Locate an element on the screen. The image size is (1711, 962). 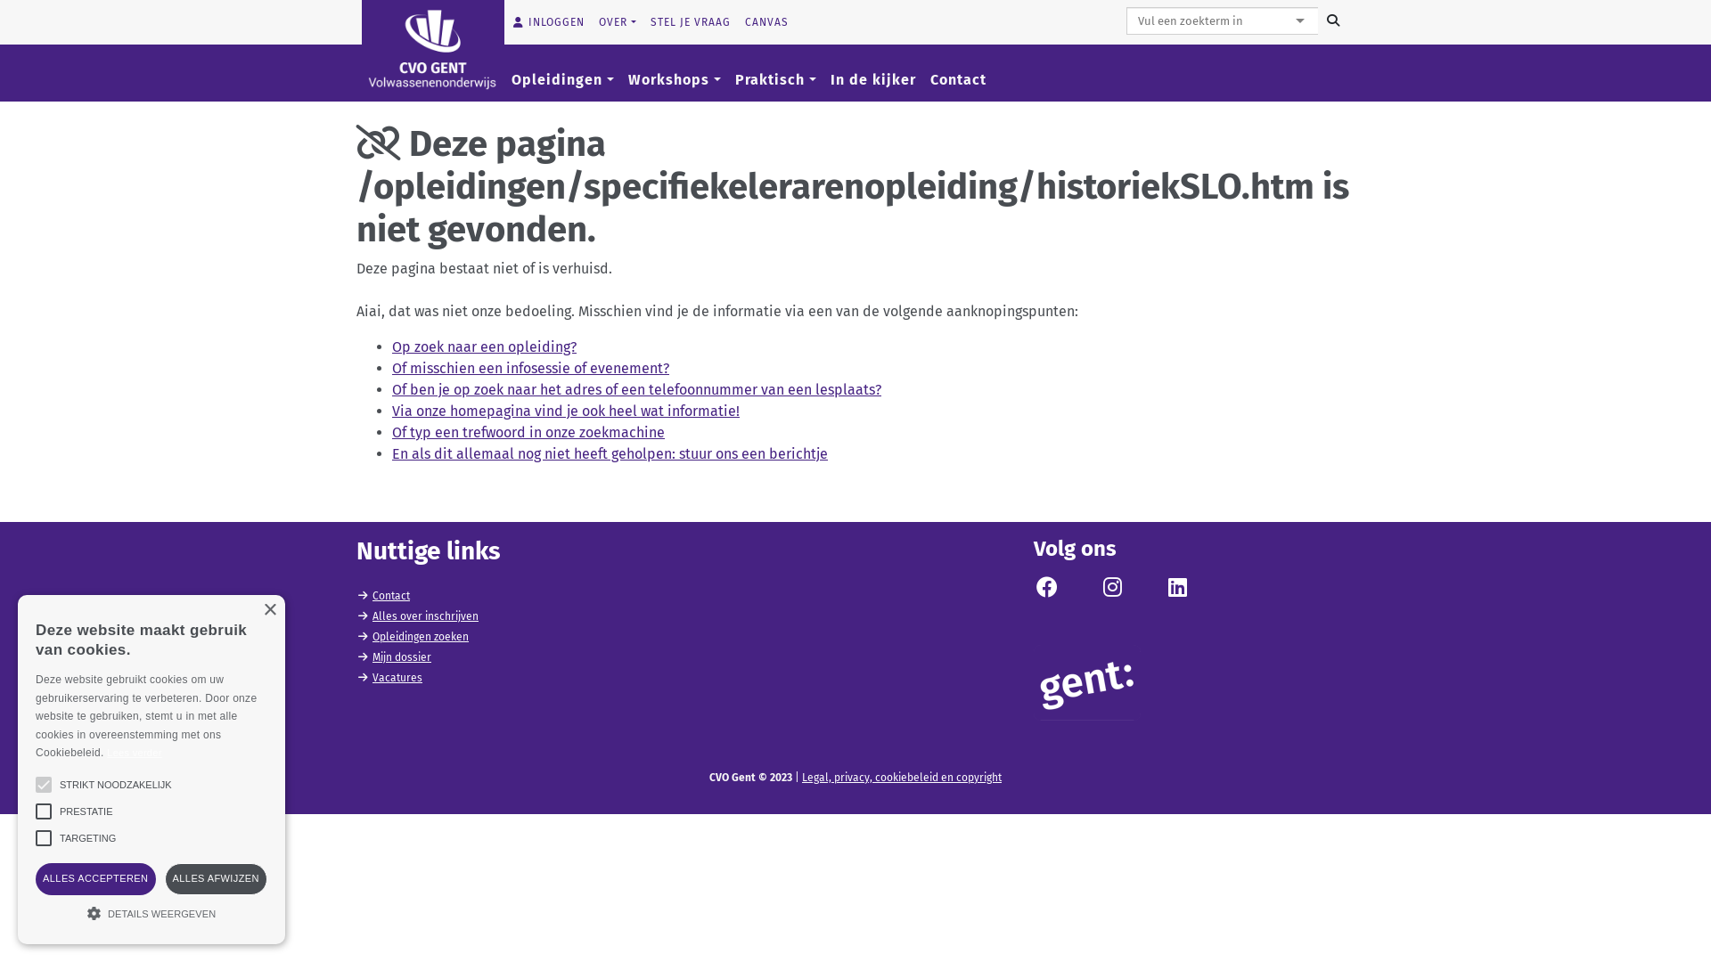
'Of typ een trefwoord in onze zoekmachine' is located at coordinates (528, 432).